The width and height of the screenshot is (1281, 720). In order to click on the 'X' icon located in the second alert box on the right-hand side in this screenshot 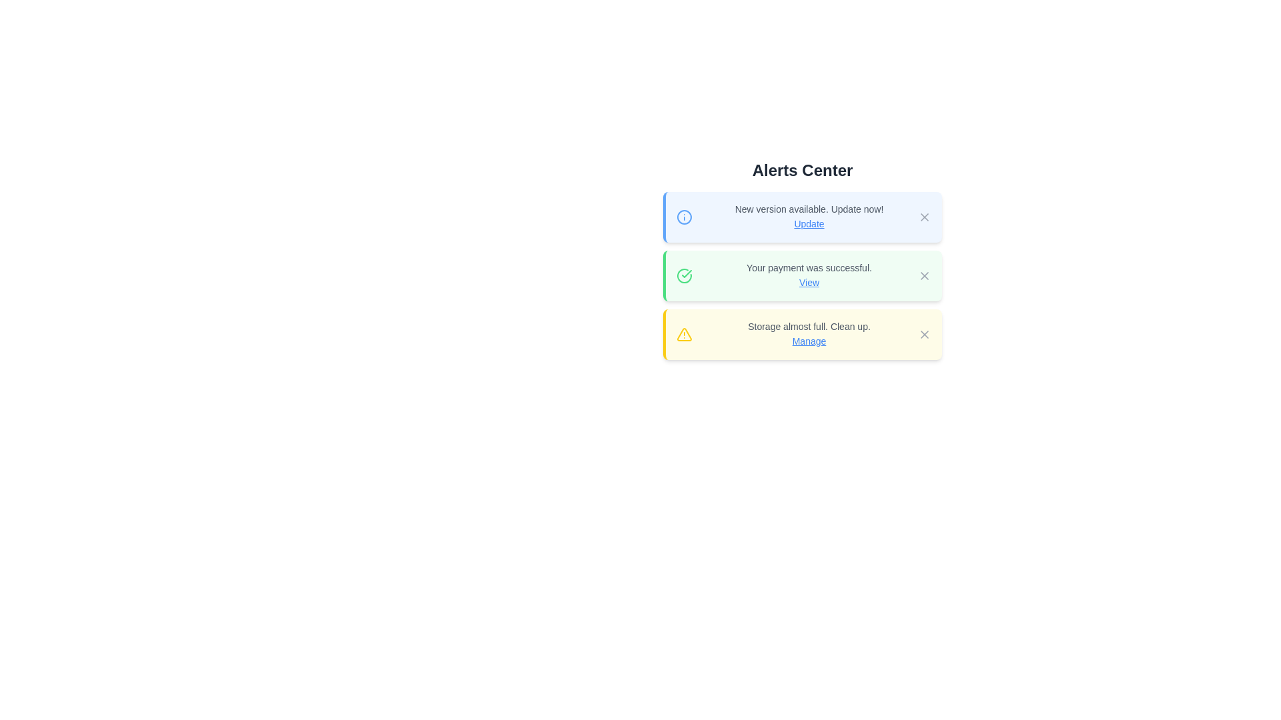, I will do `click(924, 275)`.